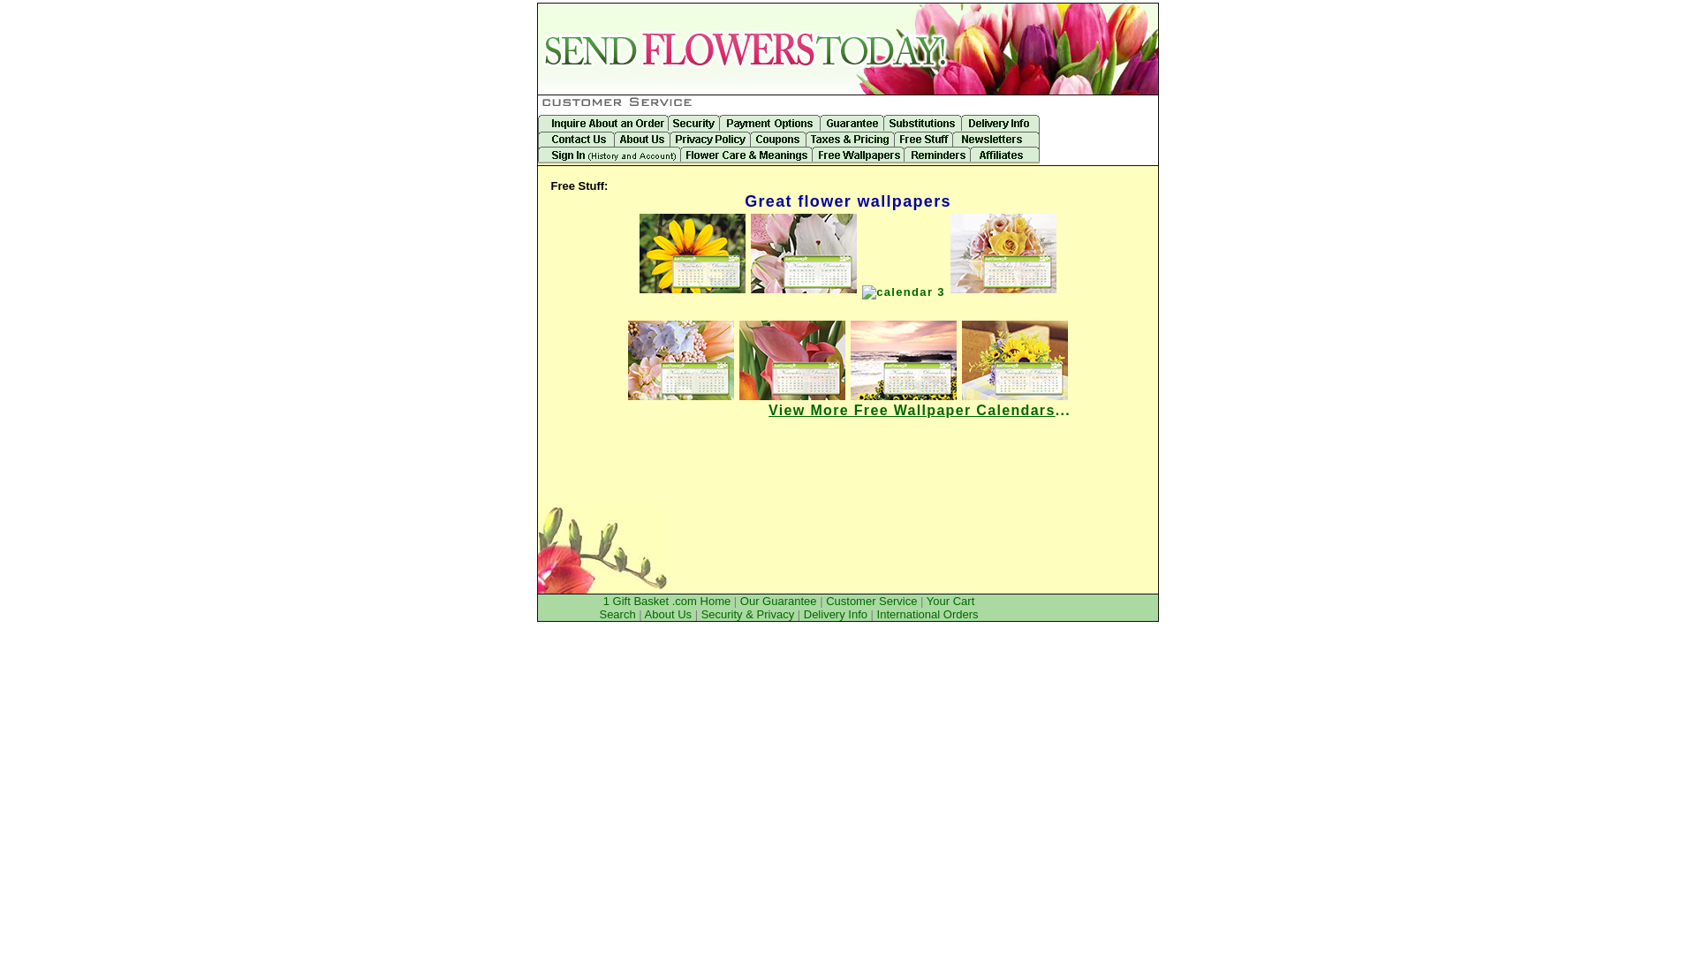 The image size is (1696, 954). Describe the element at coordinates (617, 613) in the screenshot. I see `'Search'` at that location.